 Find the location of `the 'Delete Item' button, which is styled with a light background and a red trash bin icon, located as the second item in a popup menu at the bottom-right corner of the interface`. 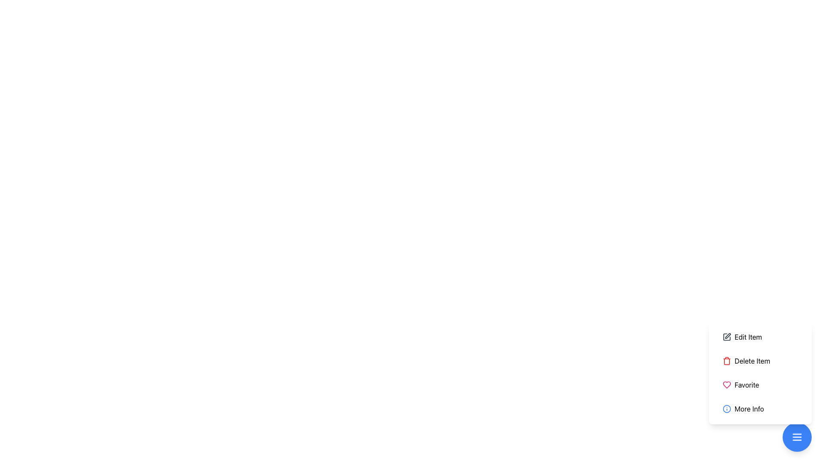

the 'Delete Item' button, which is styled with a light background and a red trash bin icon, located as the second item in a popup menu at the bottom-right corner of the interface is located at coordinates (760, 361).